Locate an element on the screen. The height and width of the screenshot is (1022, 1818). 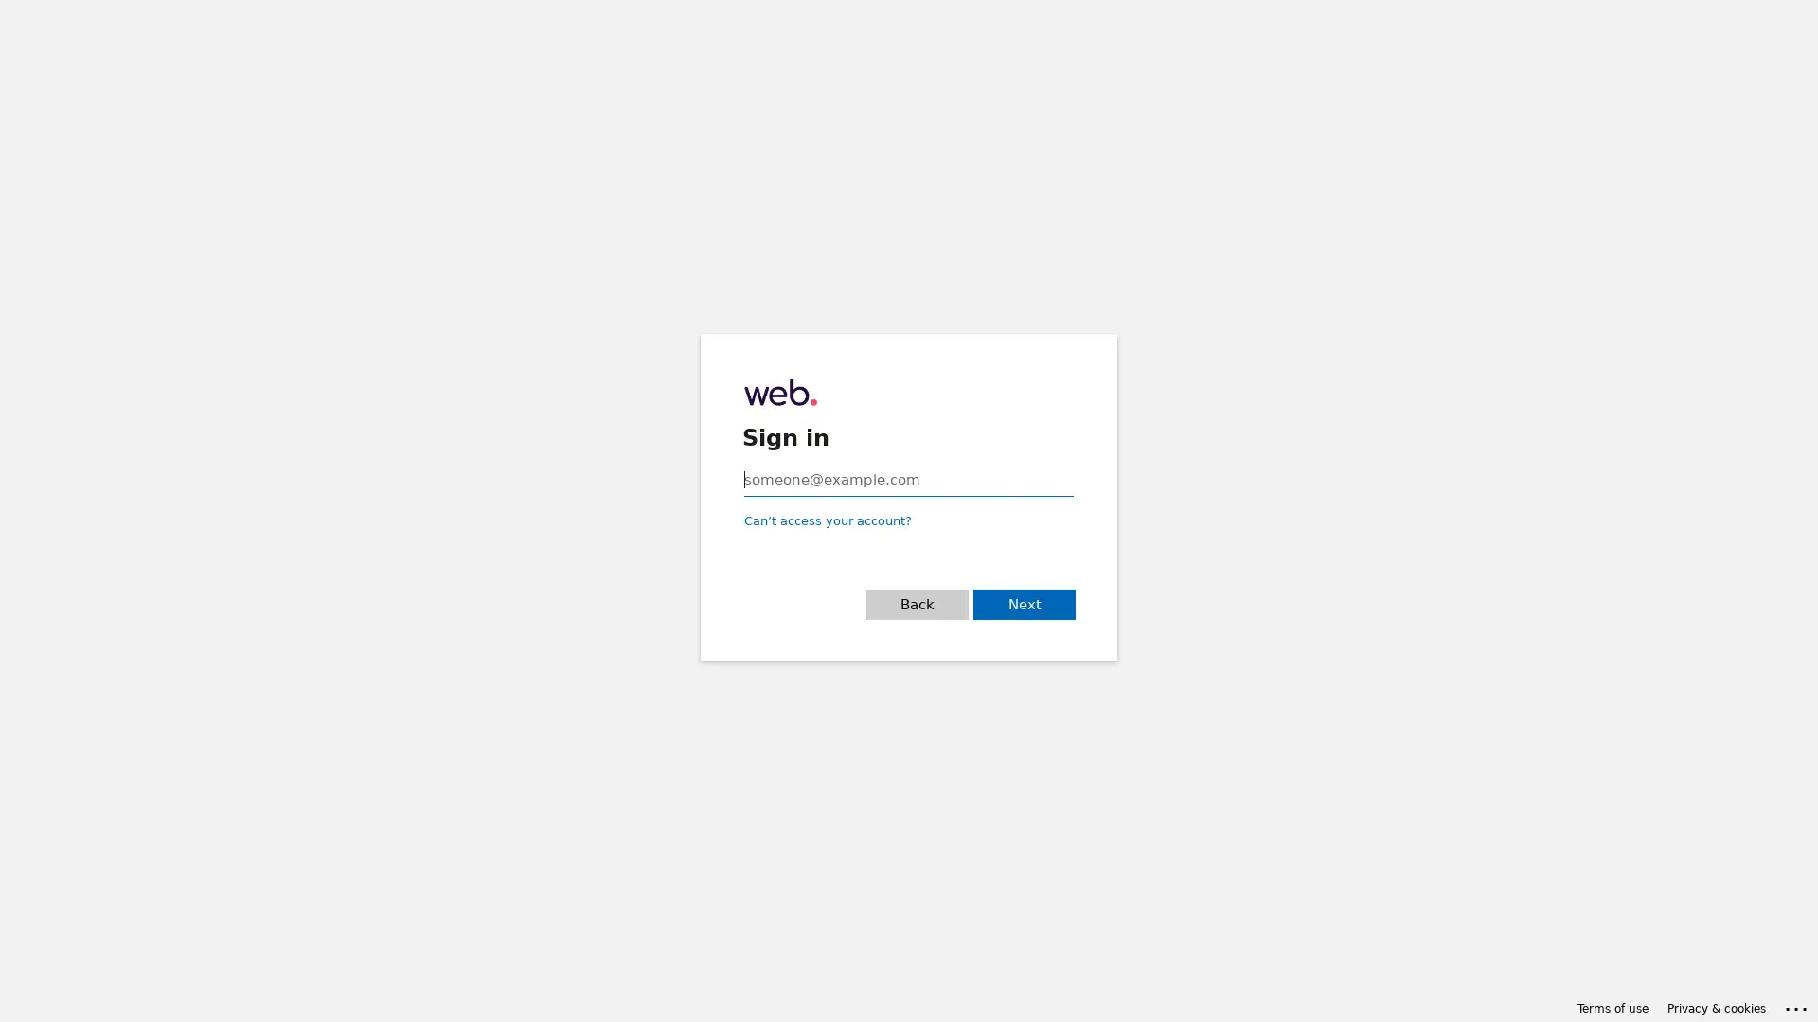
Sign-in options is located at coordinates (909, 670).